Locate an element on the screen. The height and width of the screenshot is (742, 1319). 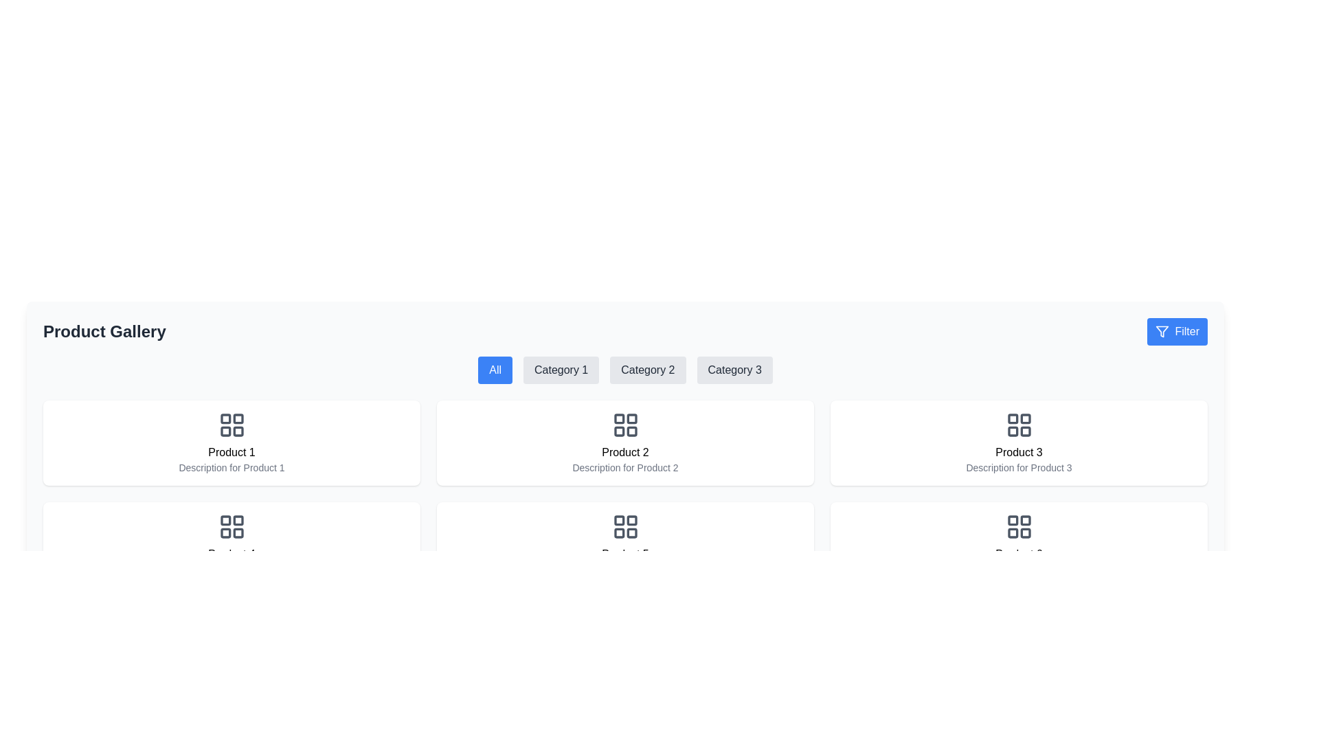
the top-left square of the 2x2 grid icon above the 'Product 4' text in the user interface is located at coordinates (225, 520).